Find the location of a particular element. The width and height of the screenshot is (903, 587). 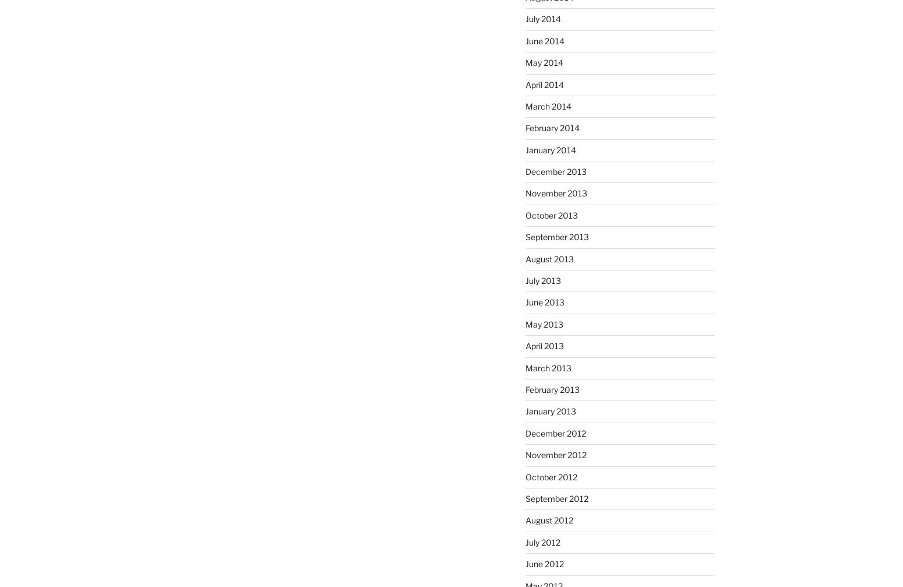

'February 2013' is located at coordinates (551, 388).